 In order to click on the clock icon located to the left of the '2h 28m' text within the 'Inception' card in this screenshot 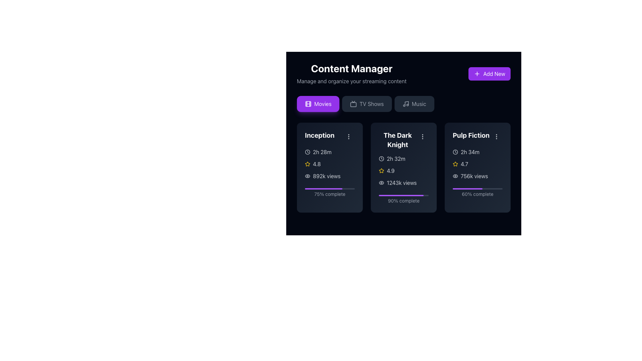, I will do `click(307, 152)`.